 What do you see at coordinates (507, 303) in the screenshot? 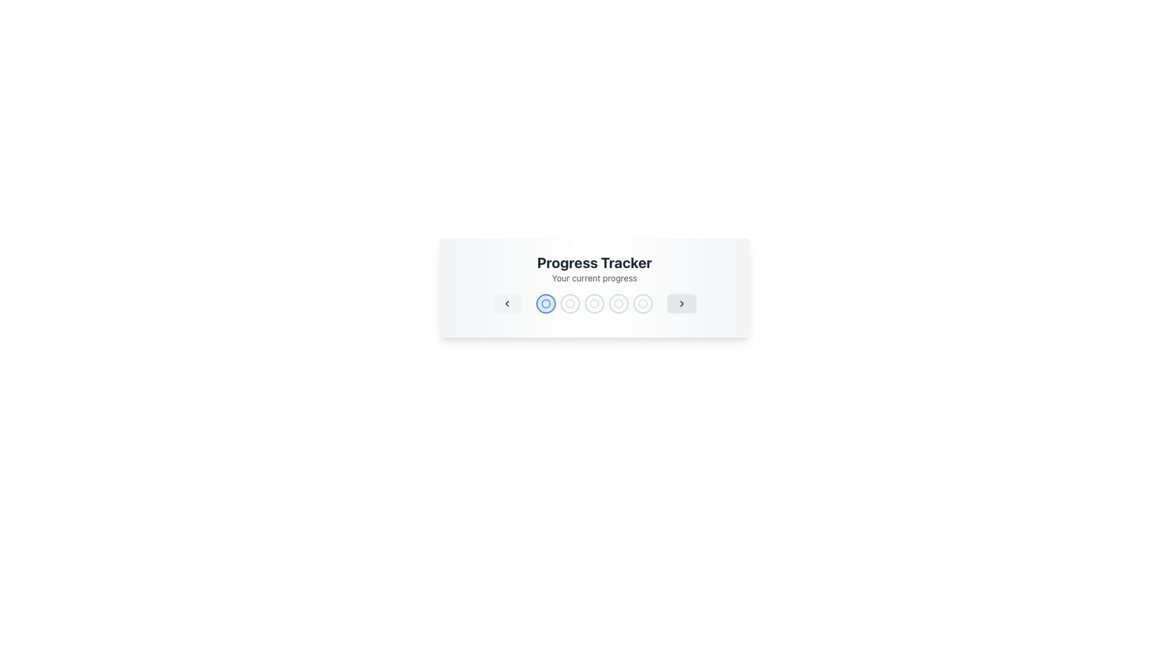
I see `the navigation button located under the title 'Progress Tracker', which is the first element in the sequence to trigger hover styling` at bounding box center [507, 303].